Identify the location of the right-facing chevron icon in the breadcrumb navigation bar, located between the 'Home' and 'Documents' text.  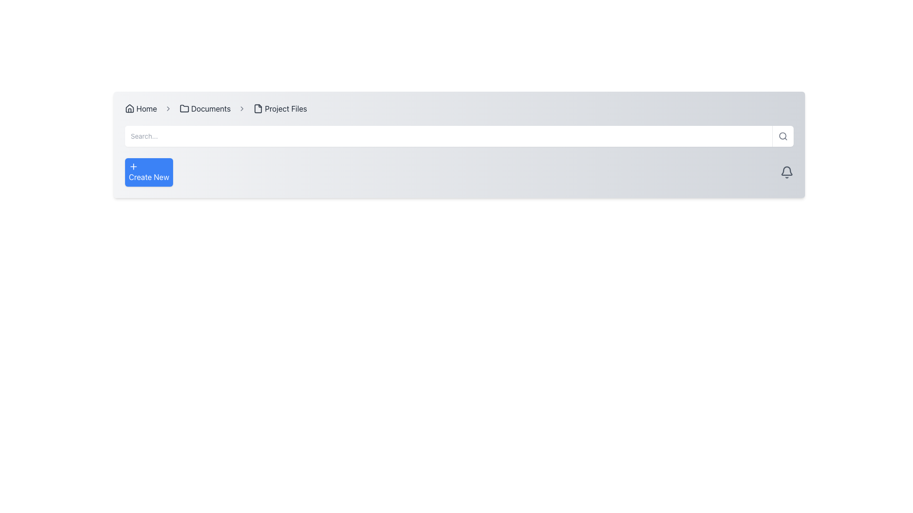
(168, 108).